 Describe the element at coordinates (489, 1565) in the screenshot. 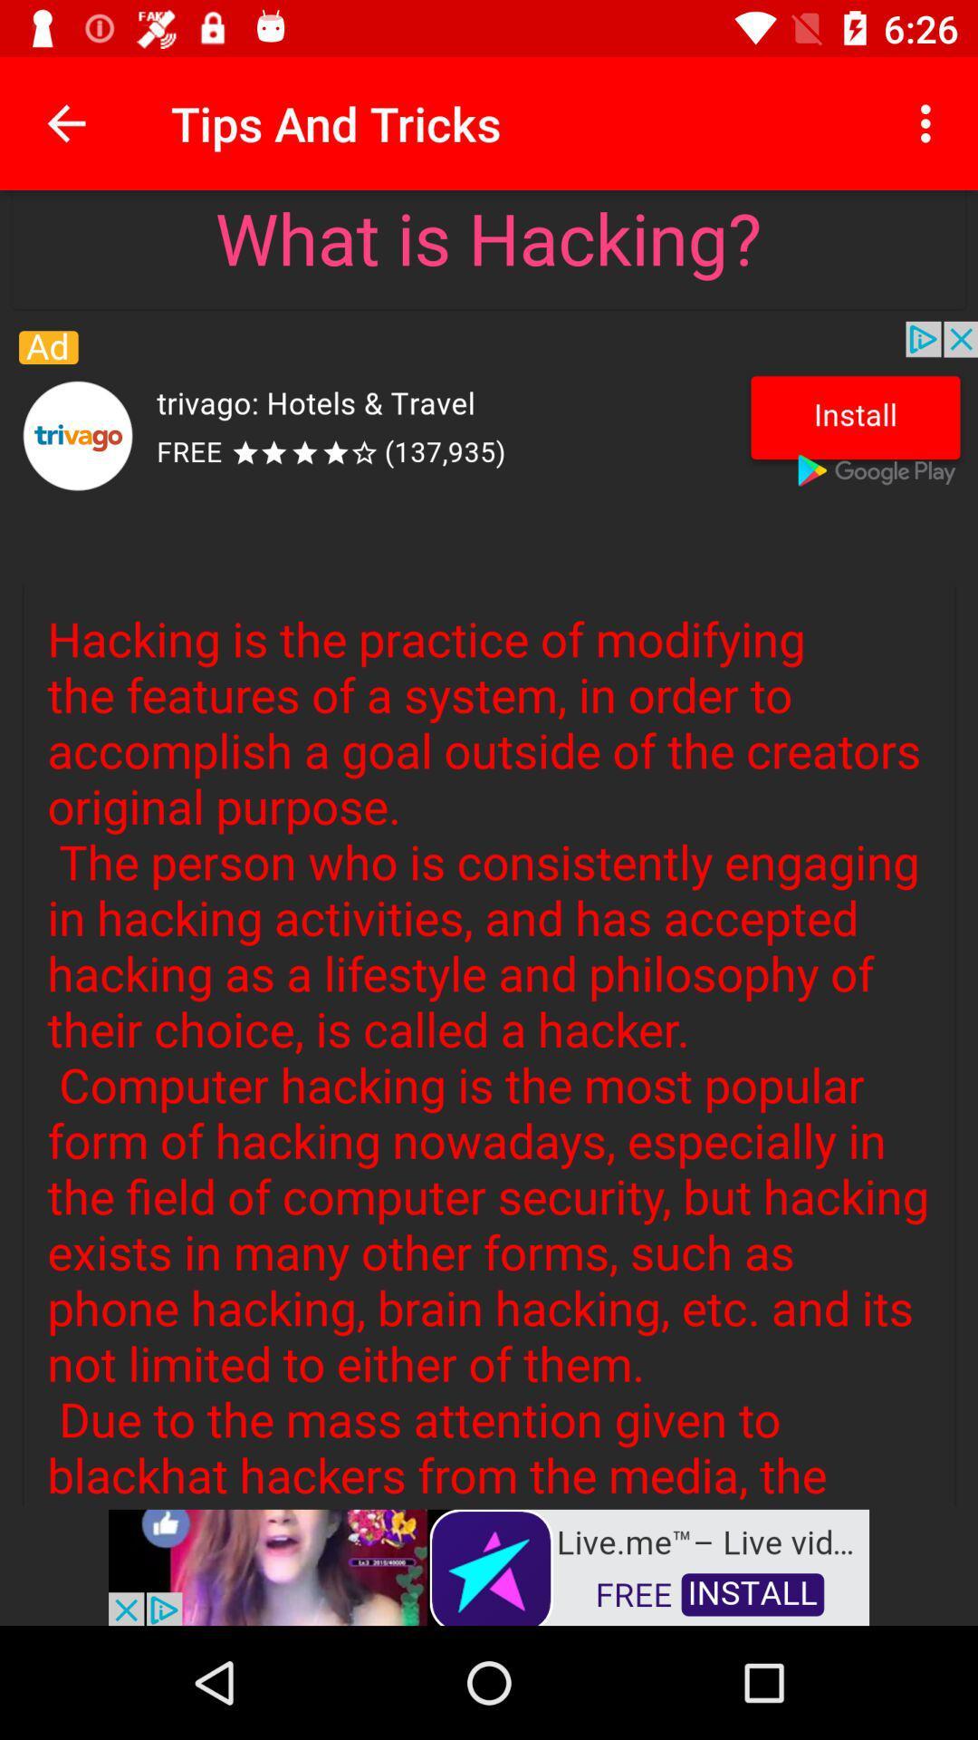

I see `click on advertisements` at that location.